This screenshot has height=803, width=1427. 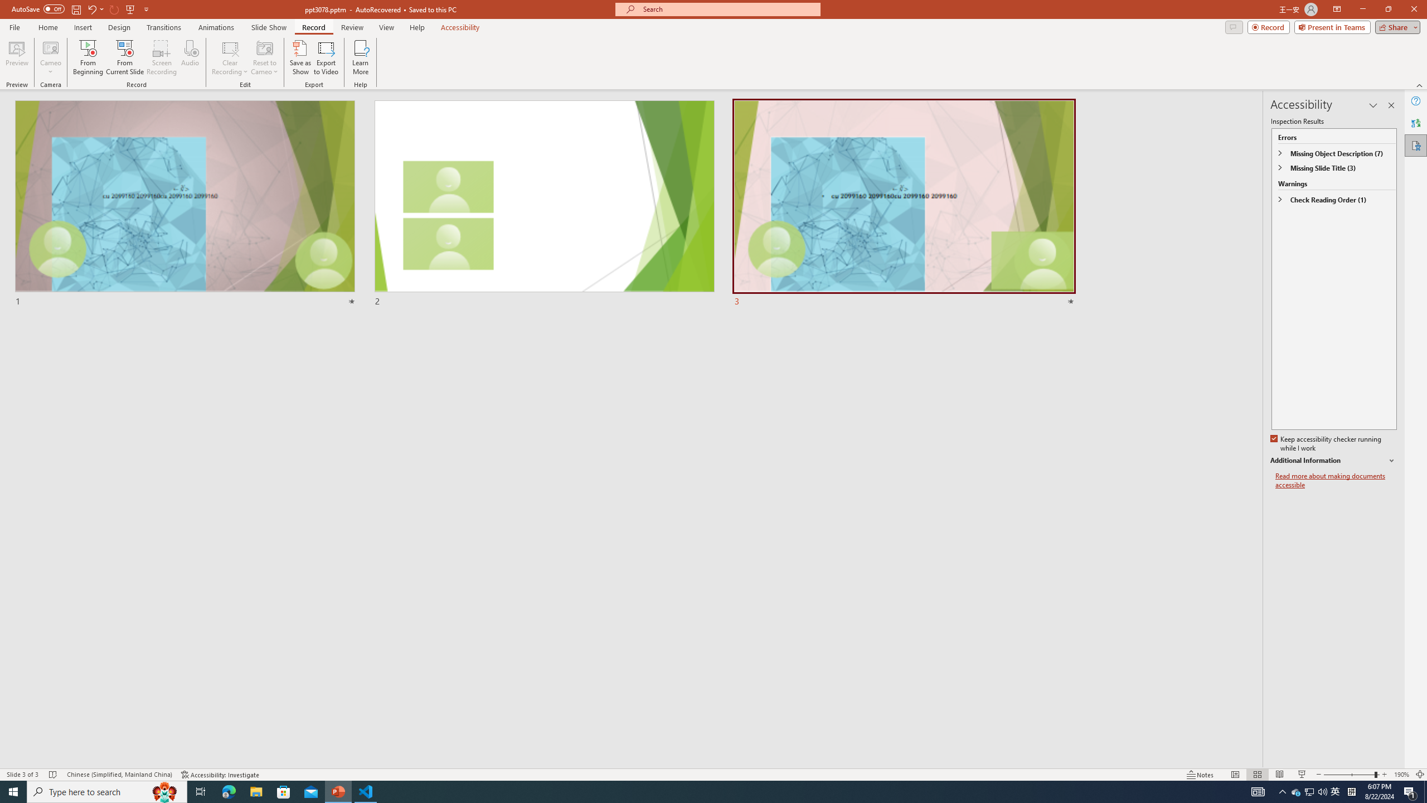 What do you see at coordinates (230, 57) in the screenshot?
I see `'Clear Recording'` at bounding box center [230, 57].